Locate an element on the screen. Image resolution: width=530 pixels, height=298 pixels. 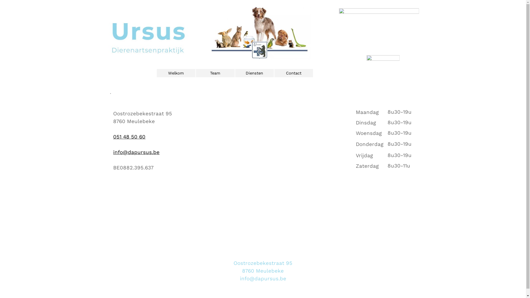
'051 48 50 60' is located at coordinates (129, 137).